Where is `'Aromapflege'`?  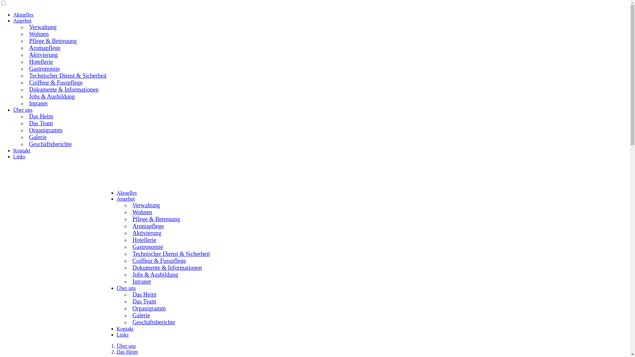 'Aromapflege' is located at coordinates (147, 225).